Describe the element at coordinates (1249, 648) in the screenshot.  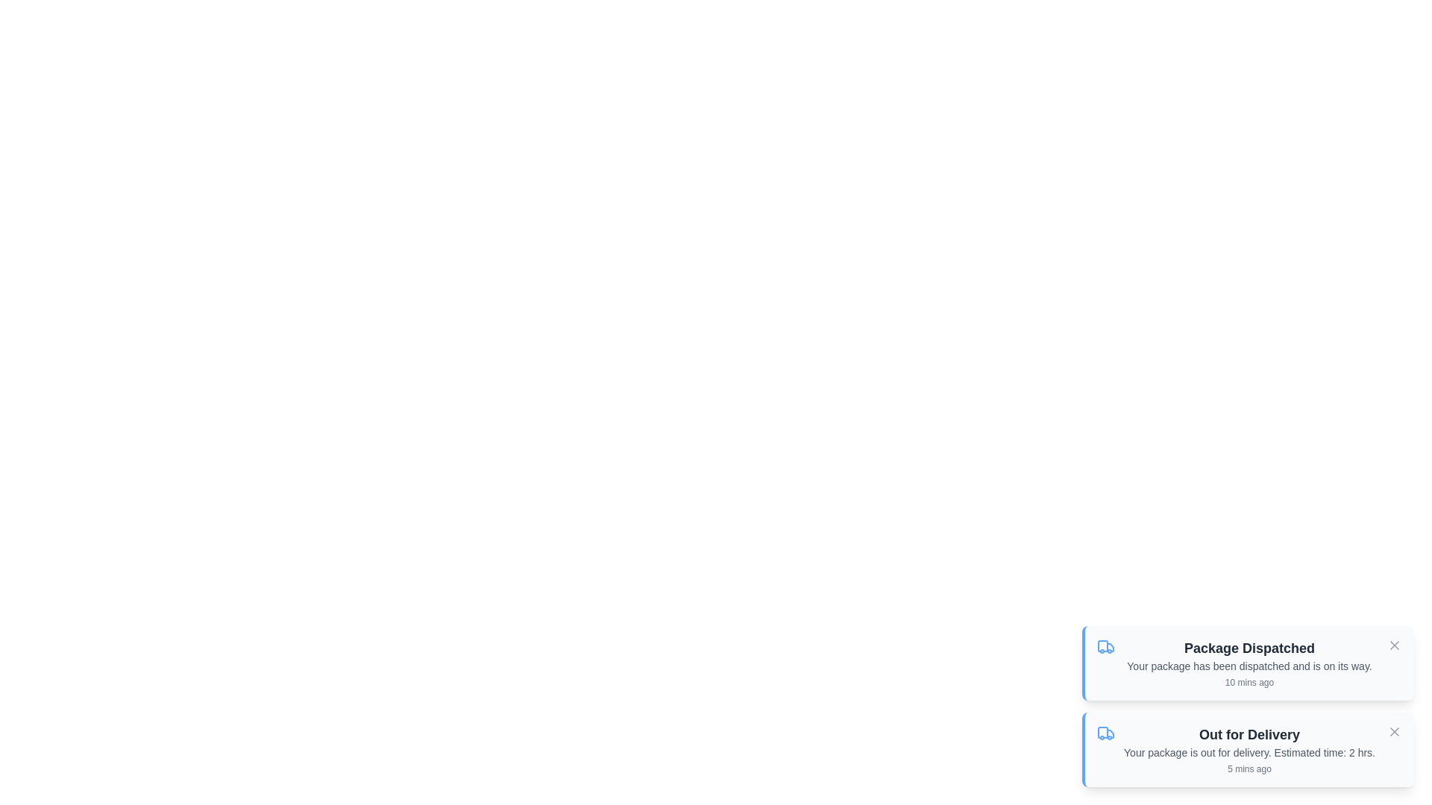
I see `the title of the notification card` at that location.